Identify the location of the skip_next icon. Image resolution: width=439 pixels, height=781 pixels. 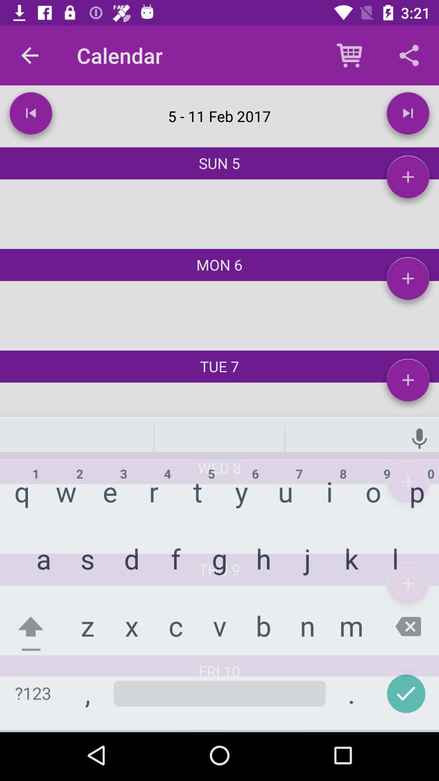
(408, 116).